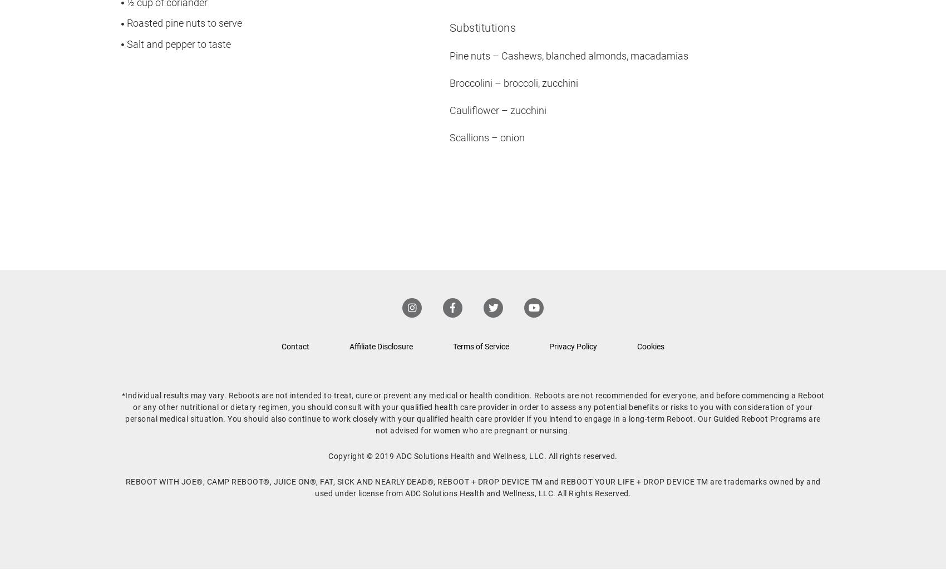 This screenshot has height=578, width=946. Describe the element at coordinates (472, 455) in the screenshot. I see `'Copyright © 2019 ADC Solutions Health and Wellness, LLC. All rights reserved.'` at that location.